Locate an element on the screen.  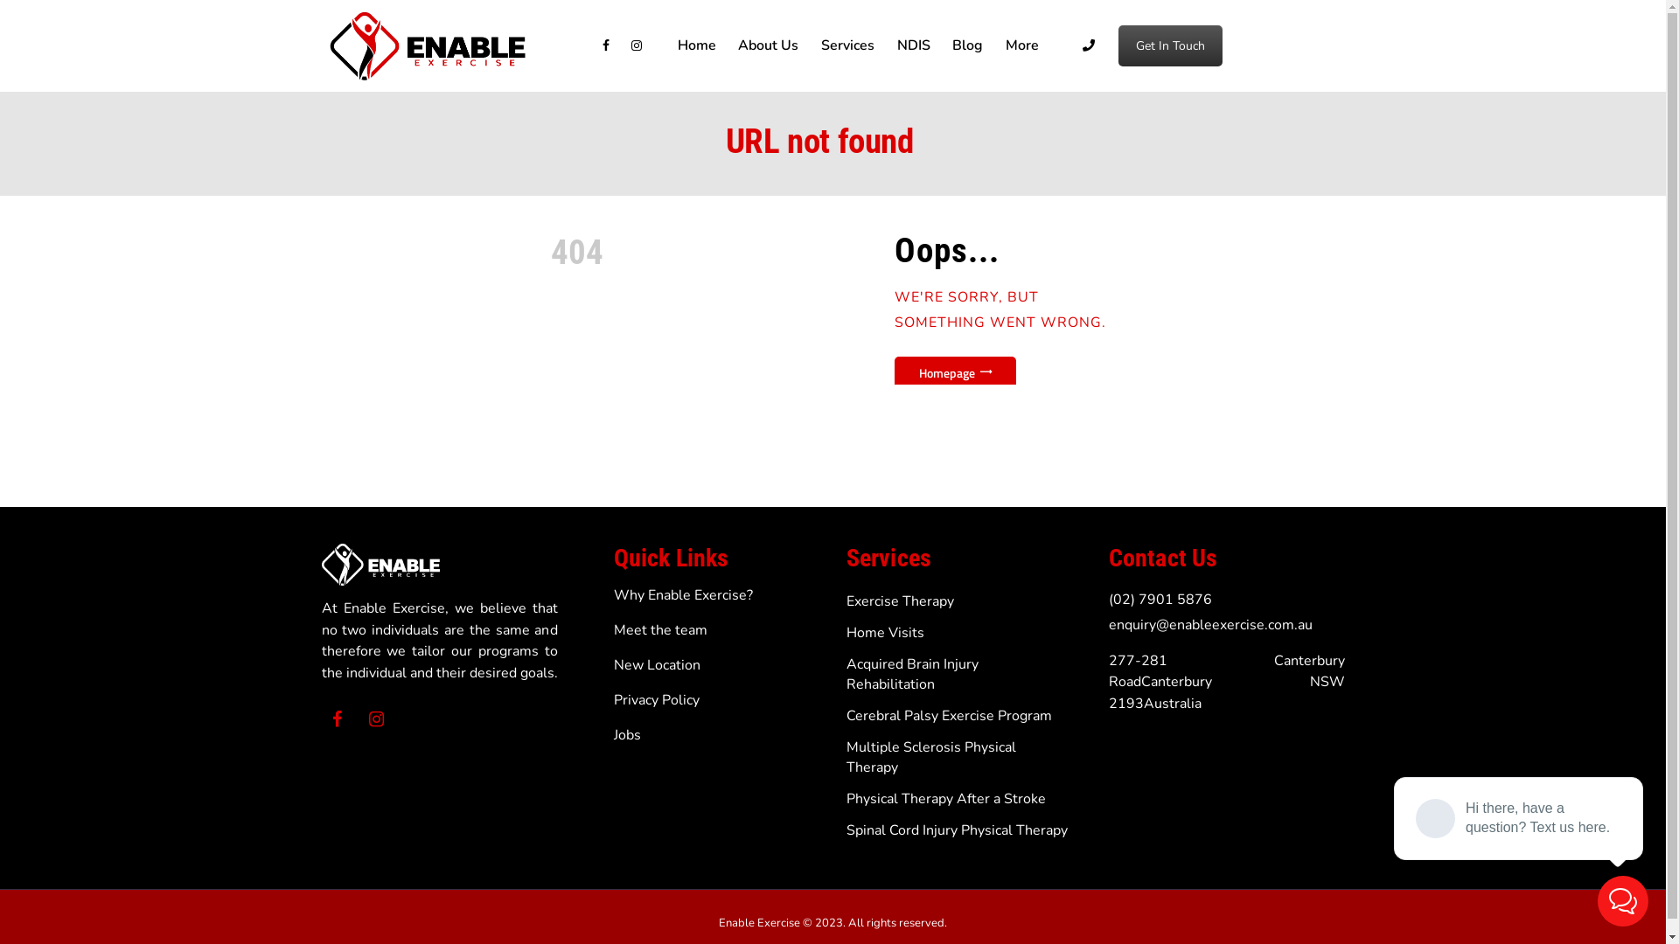
'Why Enable Exercise?' is located at coordinates (682, 594).